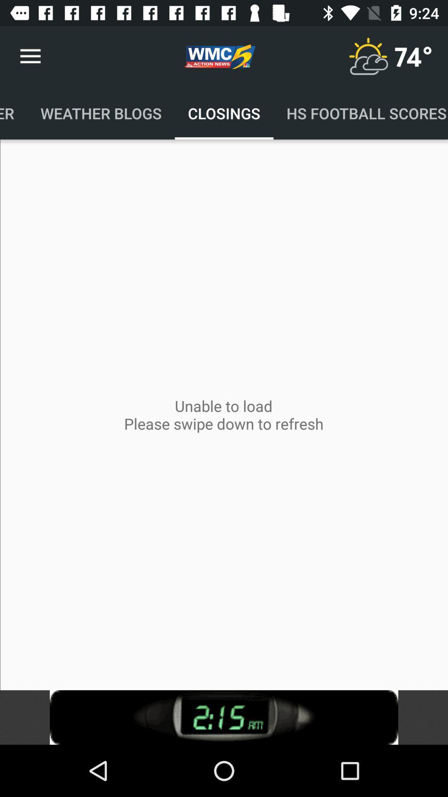 The width and height of the screenshot is (448, 797). Describe the element at coordinates (224, 717) in the screenshot. I see `time` at that location.